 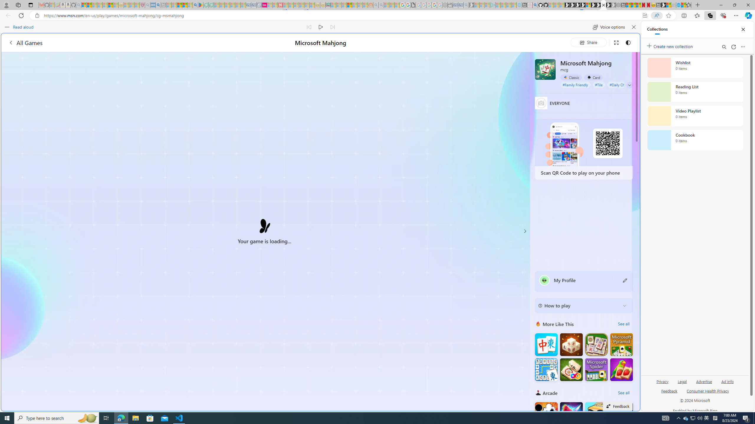 What do you see at coordinates (708, 393) in the screenshot?
I see `'Consumer Health Privacy'` at bounding box center [708, 393].